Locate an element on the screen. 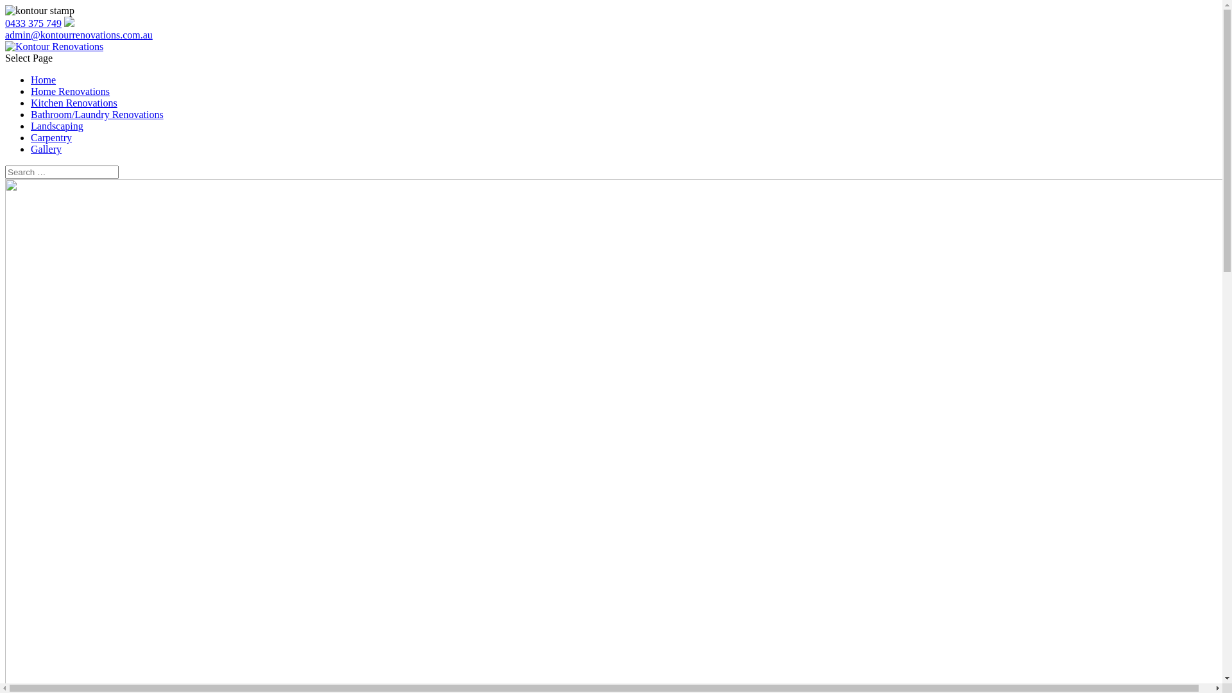 This screenshot has width=1232, height=693. '0433 375 749' is located at coordinates (5, 23).